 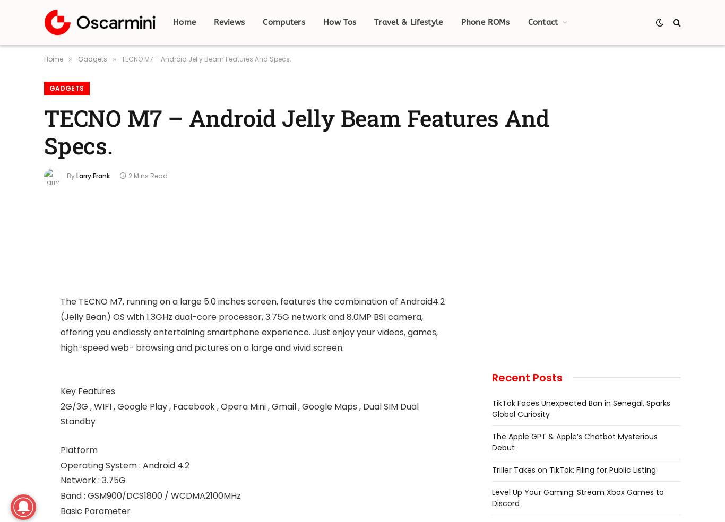 What do you see at coordinates (580, 407) in the screenshot?
I see `'TikTok Faces Unexpected Ban in Senegal, Sparks Global Curiosity'` at bounding box center [580, 407].